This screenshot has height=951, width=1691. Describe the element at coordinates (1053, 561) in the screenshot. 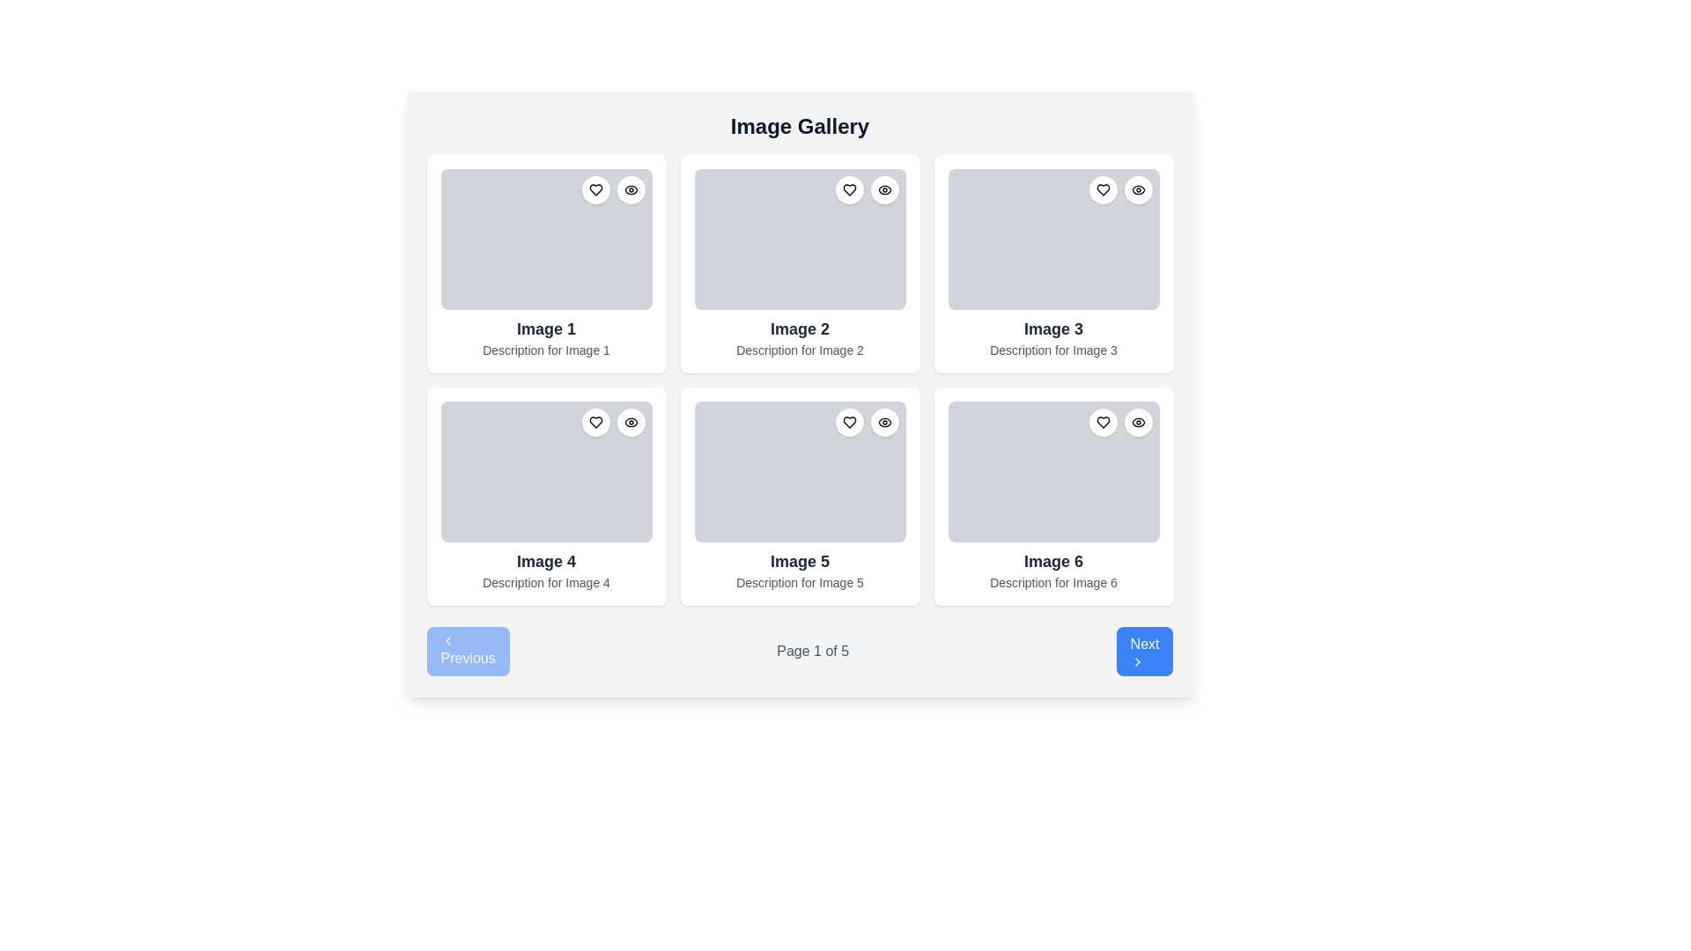

I see `the text label styled with a larger font size, semi-bold weight, and gray color containing the text 'Image 6', located at the bottom of the rightmost item in the second row of a 3x2 grid layout` at that location.